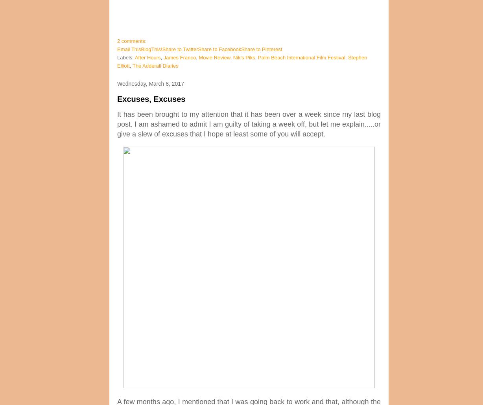 The image size is (483, 405). Describe the element at coordinates (219, 49) in the screenshot. I see `'Share to Facebook'` at that location.